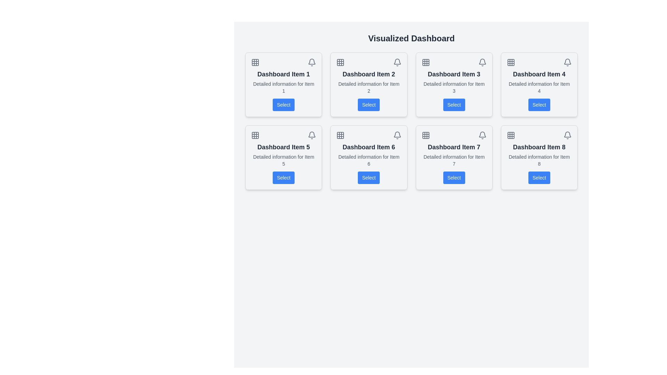 The height and width of the screenshot is (375, 667). What do you see at coordinates (454, 105) in the screenshot?
I see `the rectangular button with a blue background and white text labeled 'Select', located in 'Dashboard Item 3', to observe the hover effect` at bounding box center [454, 105].